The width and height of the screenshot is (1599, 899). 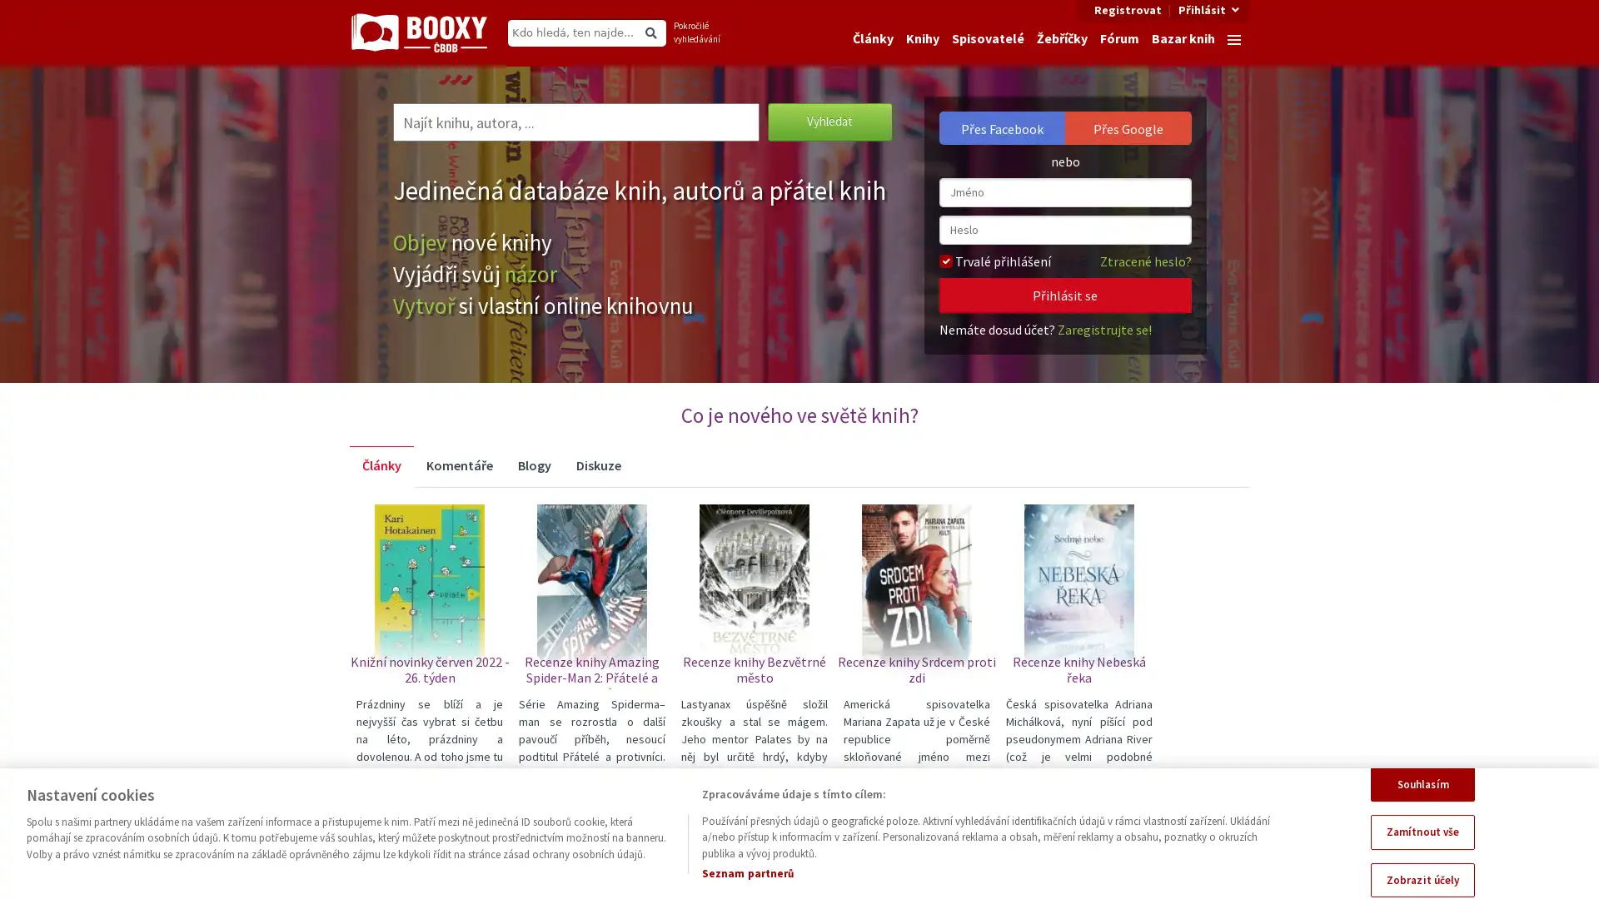 I want to click on Zamitnout vse, so click(x=1422, y=832).